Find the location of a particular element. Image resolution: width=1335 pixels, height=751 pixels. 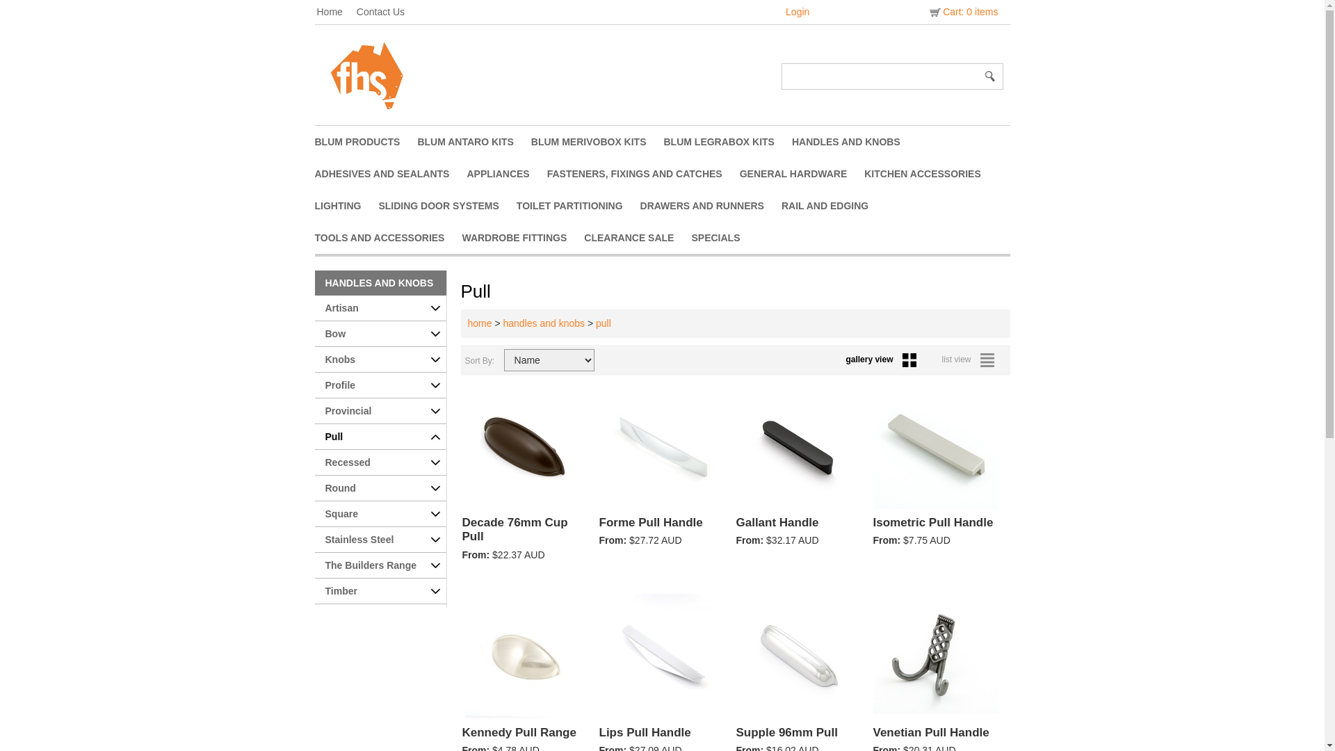

'Stainless Steel' is located at coordinates (313, 539).